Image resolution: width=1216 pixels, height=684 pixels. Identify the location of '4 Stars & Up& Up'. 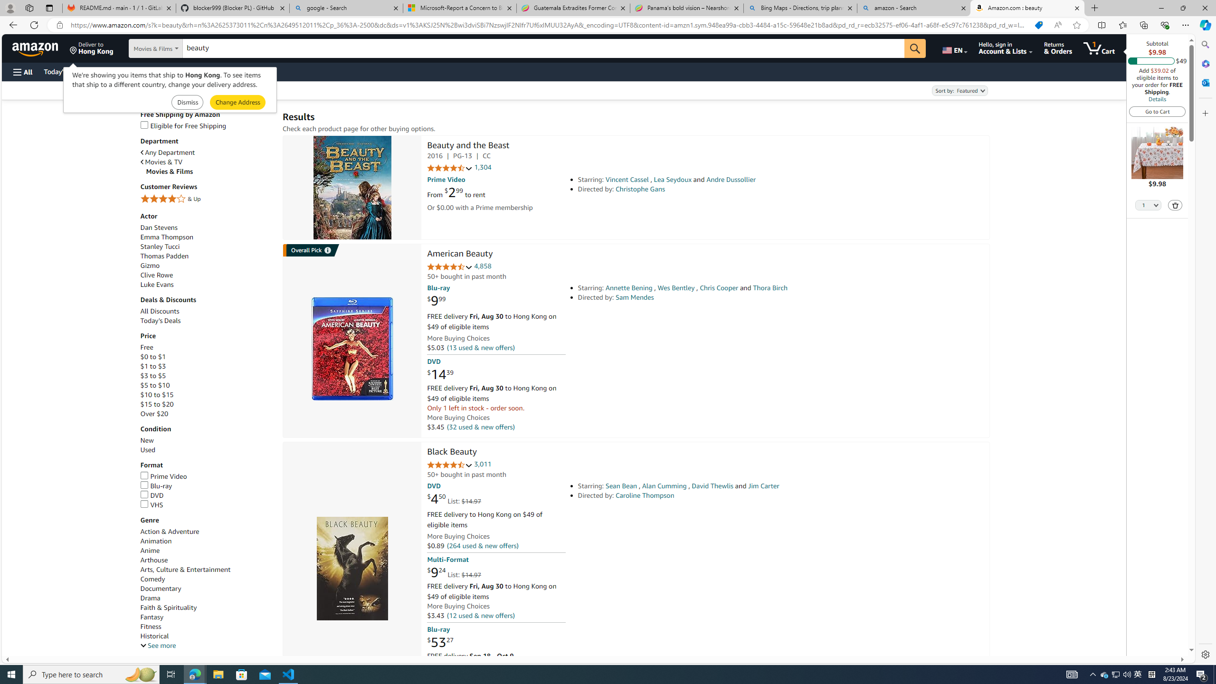
(207, 199).